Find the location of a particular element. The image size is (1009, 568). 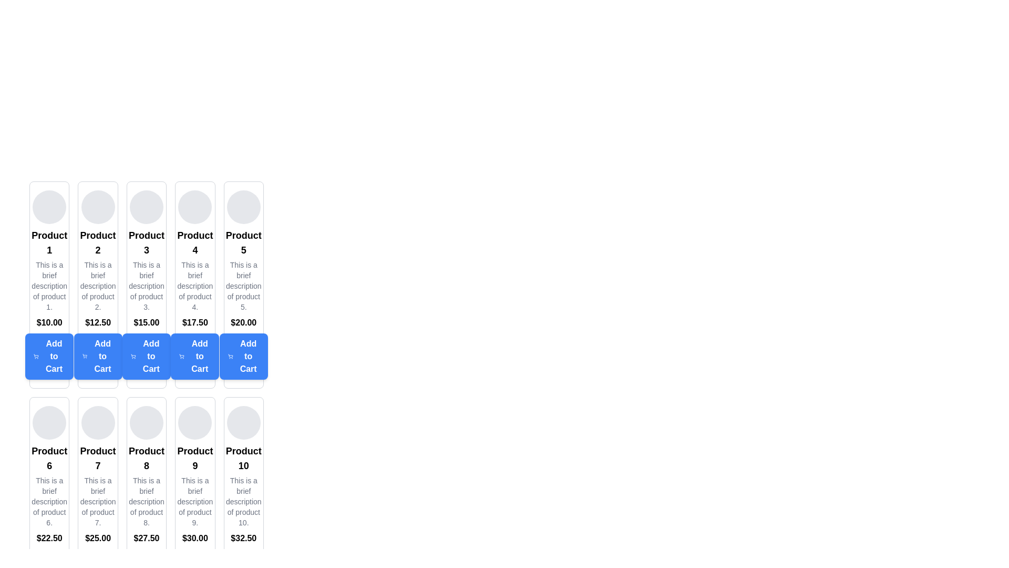

the text label displaying the price value of '$10.00', which is centrally aligned below the product description of 'Product 1' is located at coordinates (49, 322).